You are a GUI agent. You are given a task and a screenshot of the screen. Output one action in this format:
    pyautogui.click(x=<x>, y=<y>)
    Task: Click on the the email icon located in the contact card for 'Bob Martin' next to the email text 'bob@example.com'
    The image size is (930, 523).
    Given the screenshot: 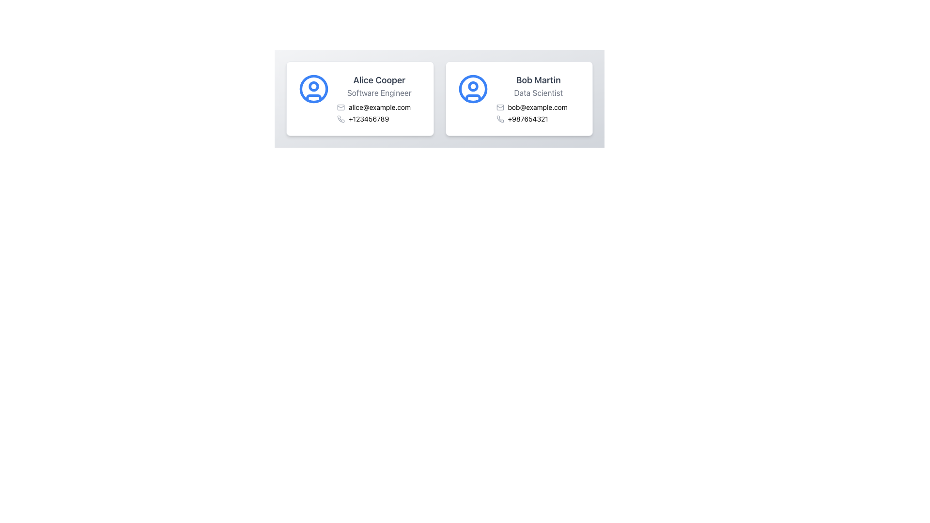 What is the action you would take?
    pyautogui.click(x=500, y=108)
    